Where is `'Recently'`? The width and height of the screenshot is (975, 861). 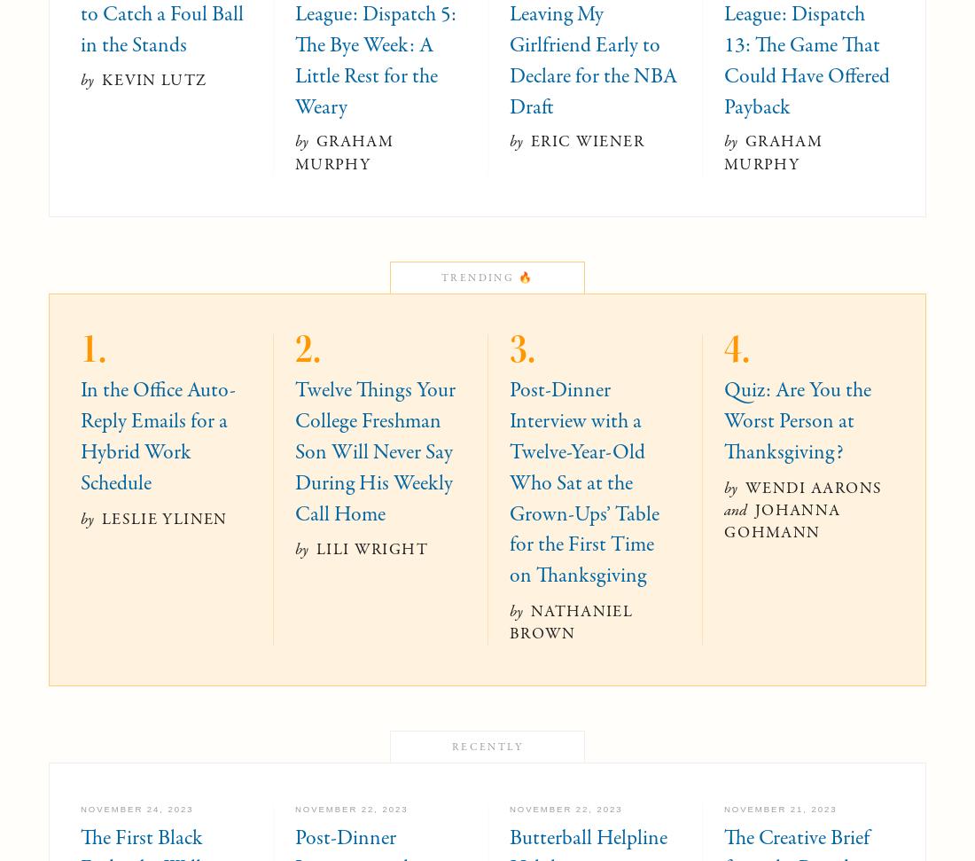 'Recently' is located at coordinates (487, 747).